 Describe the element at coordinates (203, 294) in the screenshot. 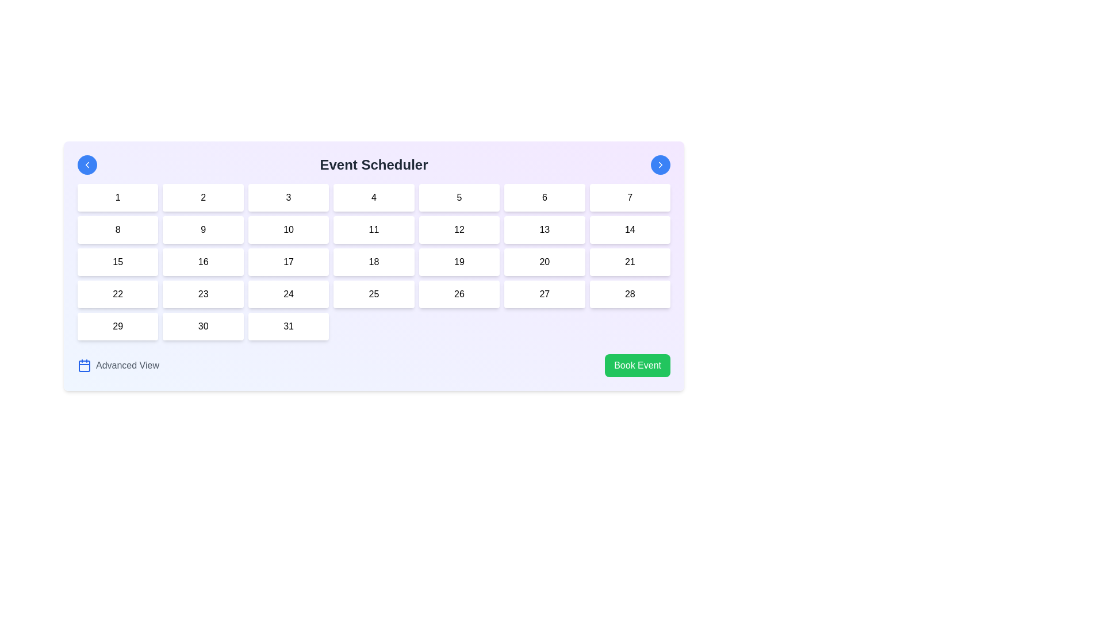

I see `the rectangular button with the number '23' centered in black text` at that location.